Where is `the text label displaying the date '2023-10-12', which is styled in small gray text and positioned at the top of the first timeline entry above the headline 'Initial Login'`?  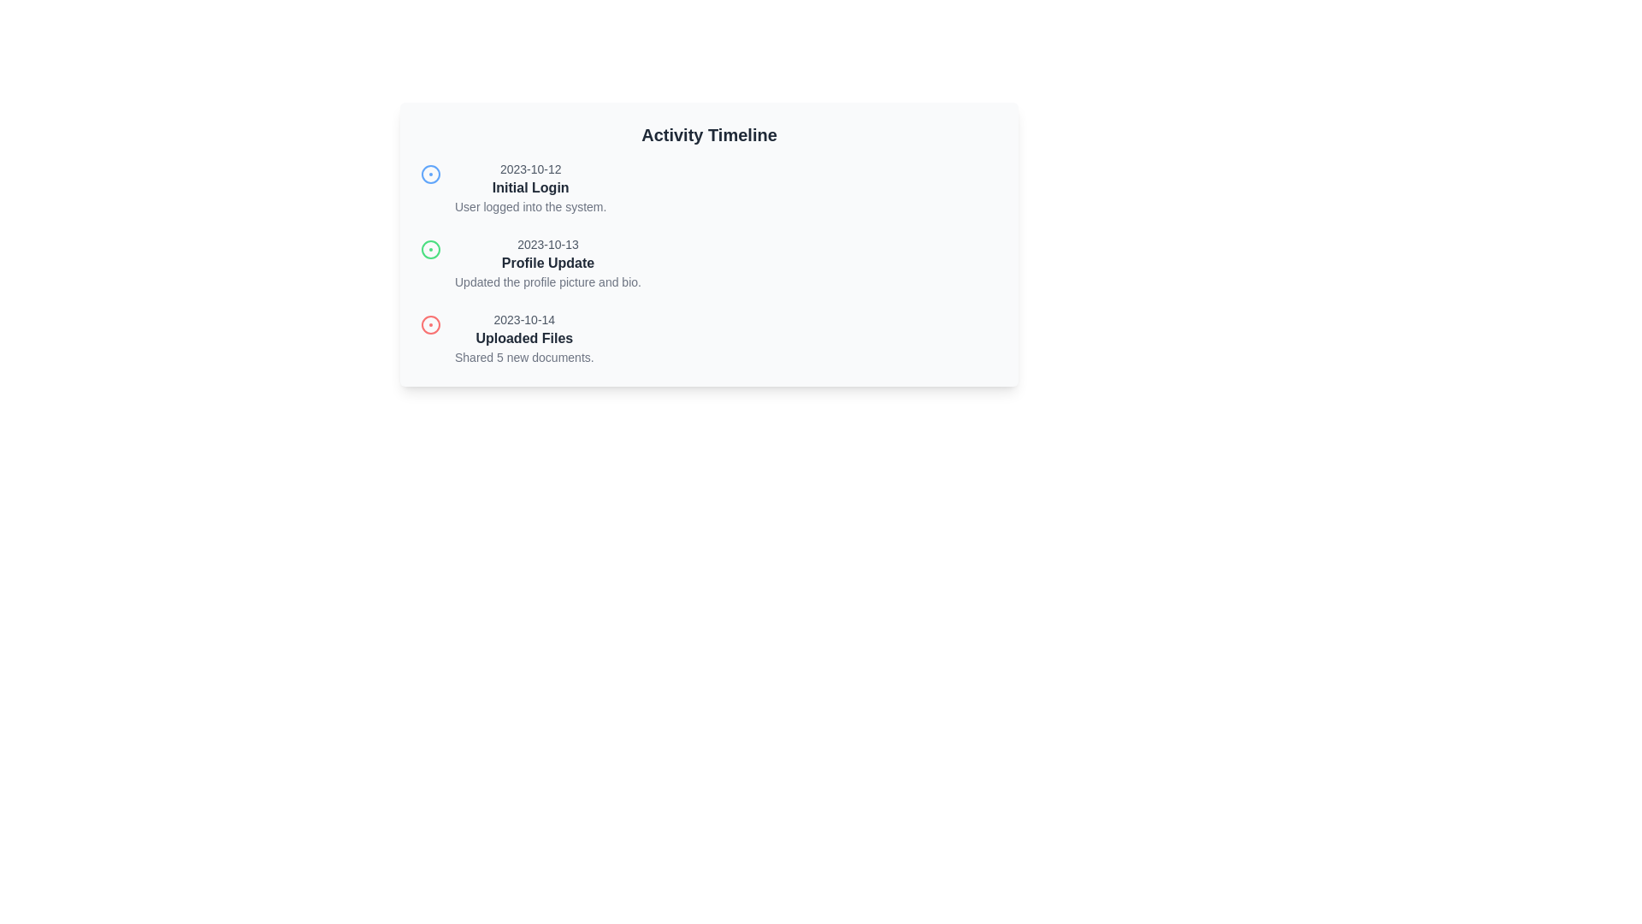
the text label displaying the date '2023-10-12', which is styled in small gray text and positioned at the top of the first timeline entry above the headline 'Initial Login' is located at coordinates (529, 169).